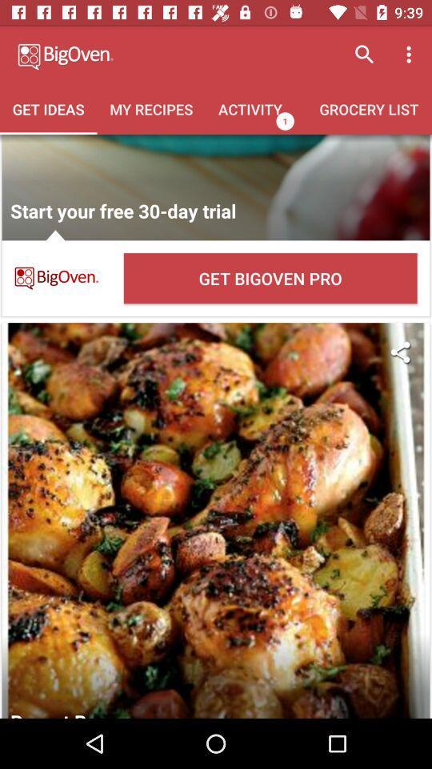  What do you see at coordinates (216, 187) in the screenshot?
I see `information bar` at bounding box center [216, 187].